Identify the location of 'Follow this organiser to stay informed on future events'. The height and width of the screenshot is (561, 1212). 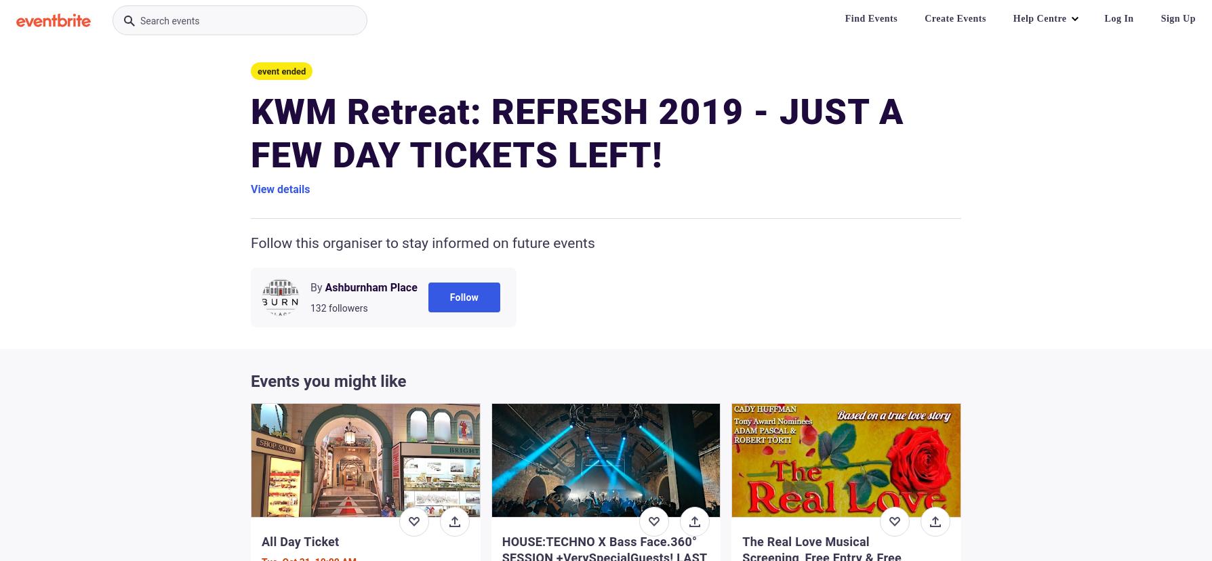
(422, 243).